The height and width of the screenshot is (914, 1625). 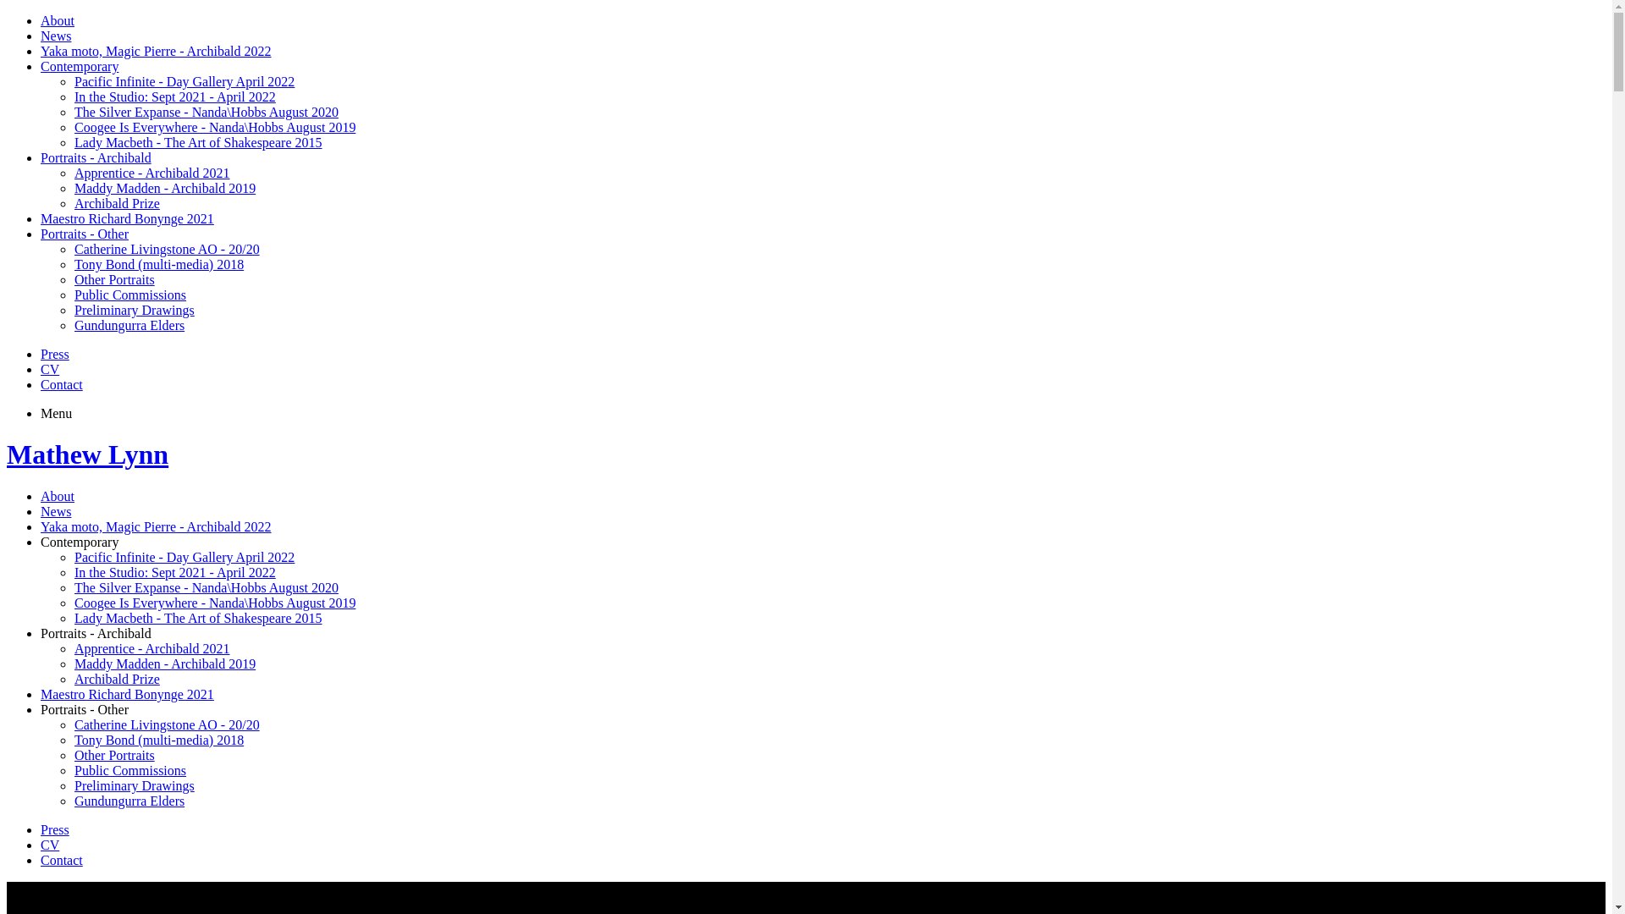 I want to click on 'News', so click(x=41, y=36).